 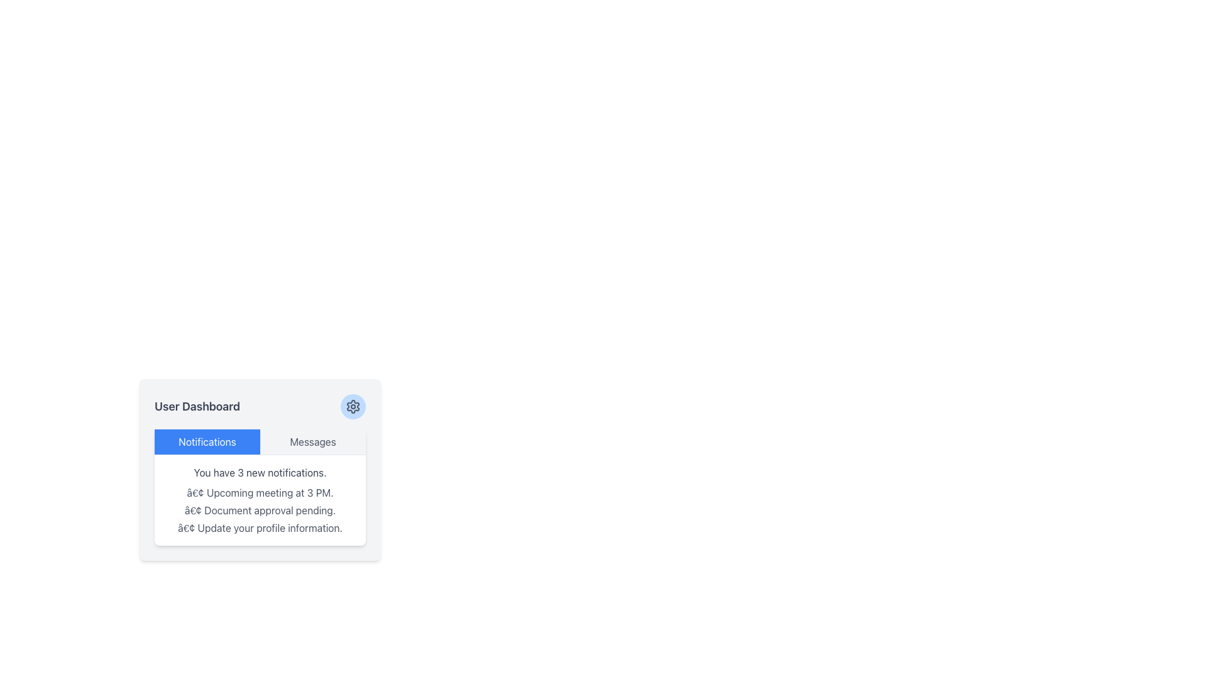 What do you see at coordinates (352, 407) in the screenshot?
I see `the SVG gear icon with a gray stroke design located within a circular button at the top-right corner of the user dashboard` at bounding box center [352, 407].